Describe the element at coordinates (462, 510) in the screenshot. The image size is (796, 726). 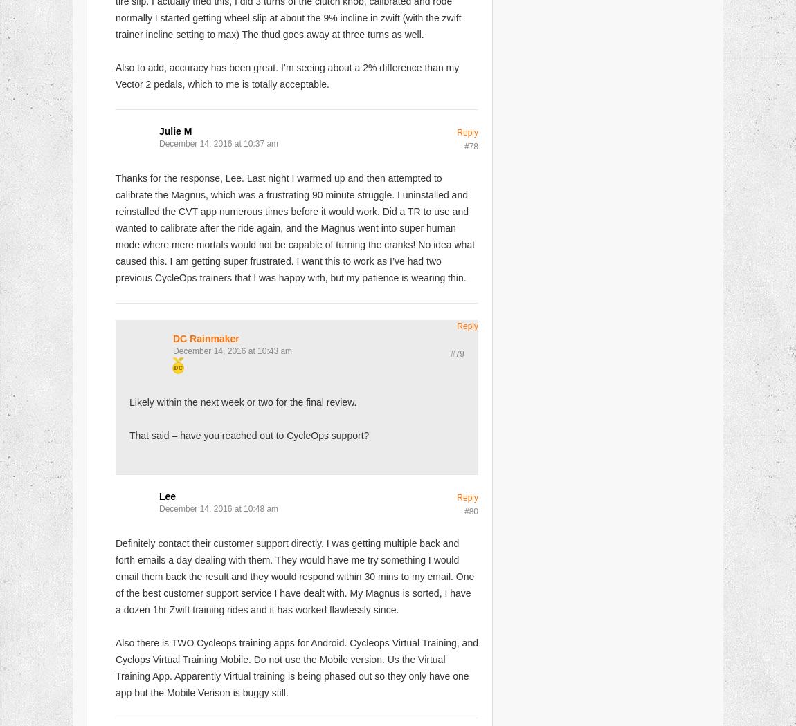
I see `'#80'` at that location.